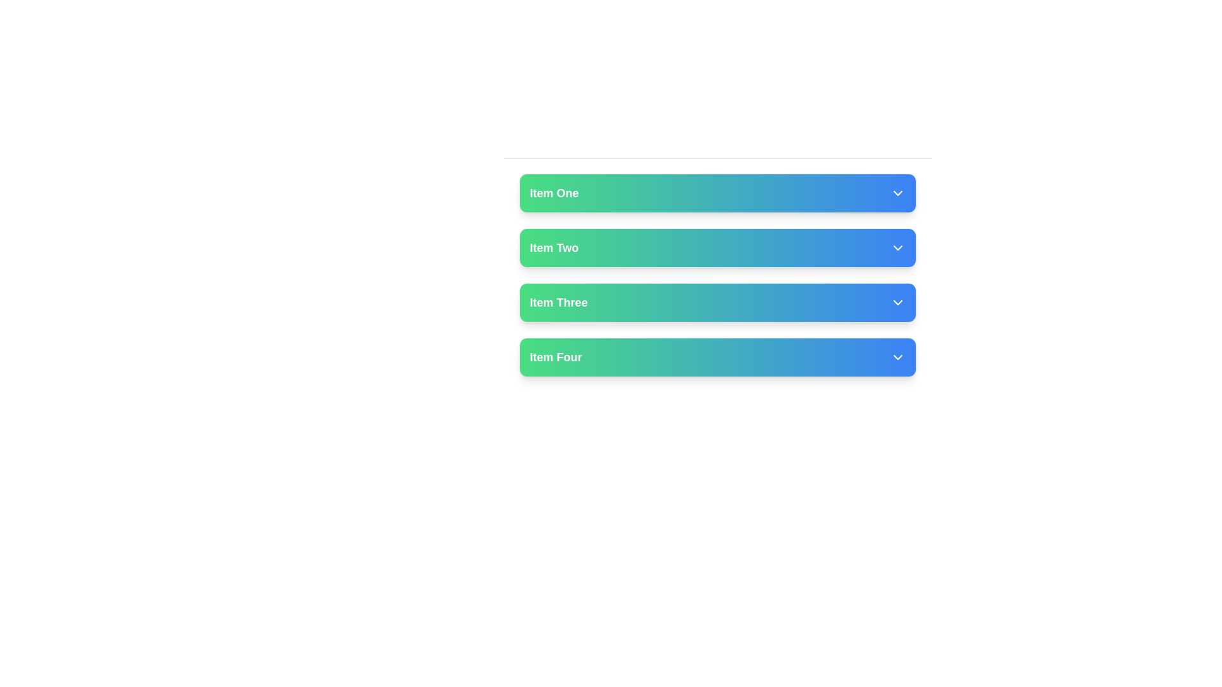  What do you see at coordinates (717, 302) in the screenshot?
I see `the selectable list item named 'Item Three'` at bounding box center [717, 302].